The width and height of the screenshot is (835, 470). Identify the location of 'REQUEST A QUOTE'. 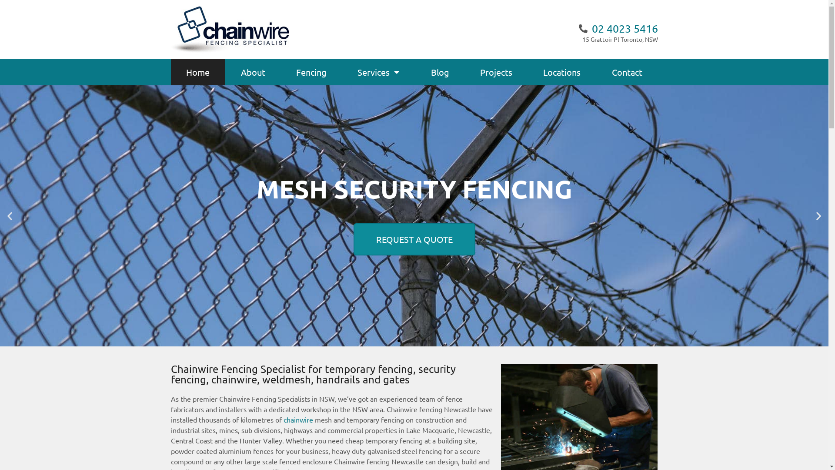
(413, 239).